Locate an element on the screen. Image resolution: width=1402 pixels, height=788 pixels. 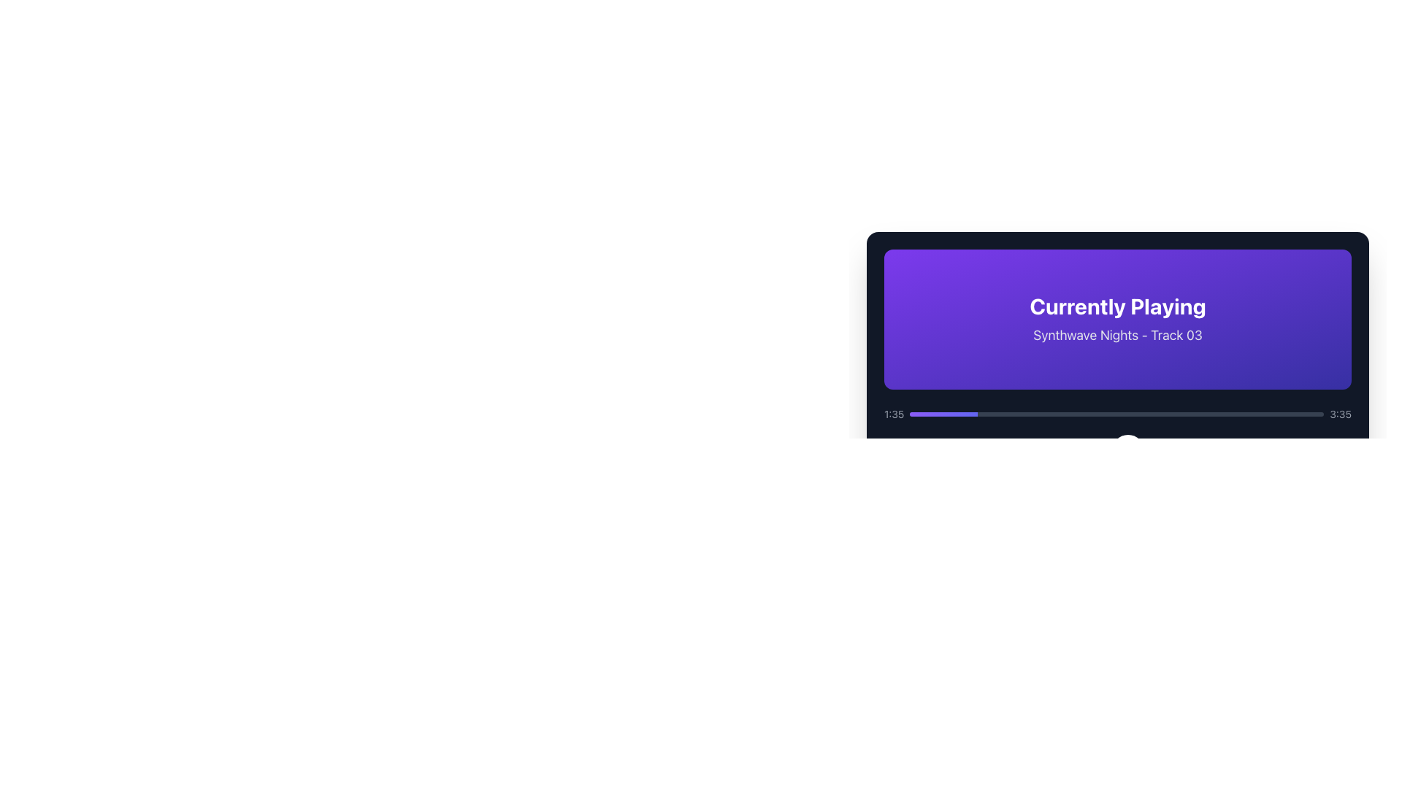
the text display element that shows 'Synthwave NightsVarious Artists' for accessibility features is located at coordinates (1084, 579).